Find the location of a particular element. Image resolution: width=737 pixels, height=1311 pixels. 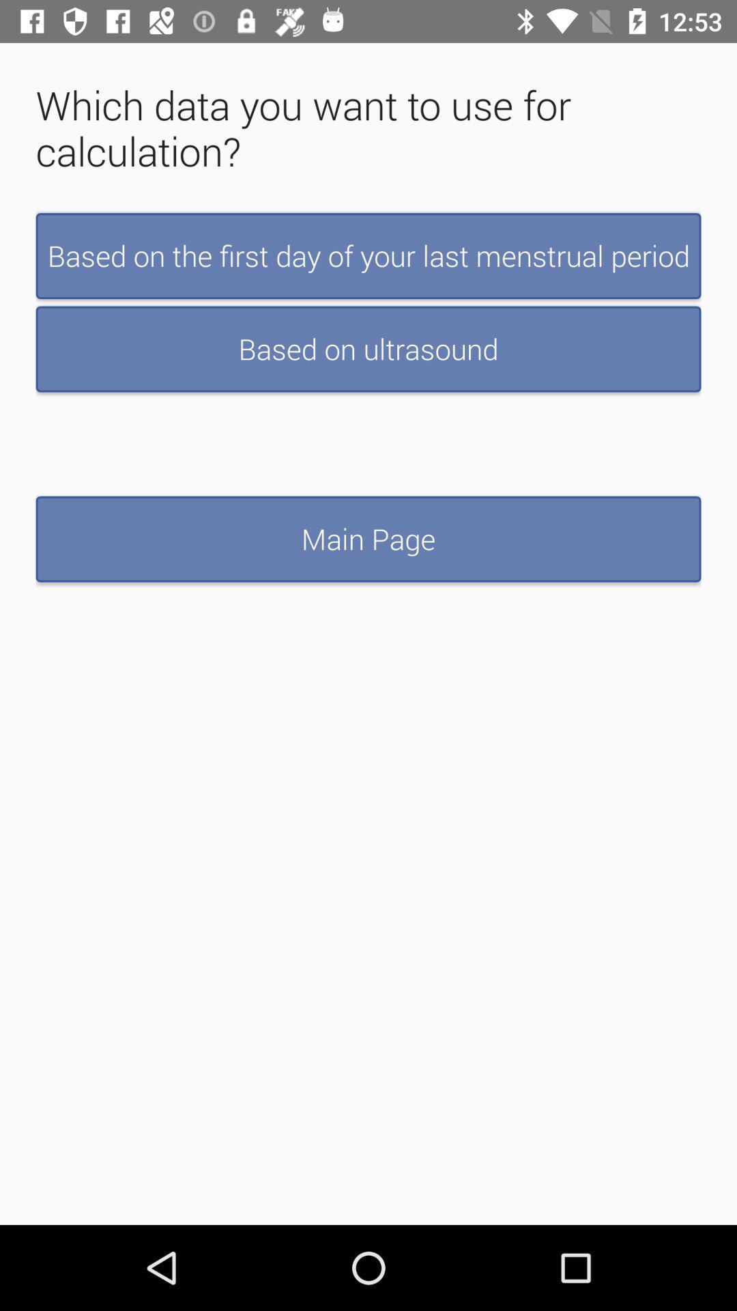

the main page icon is located at coordinates (369, 538).